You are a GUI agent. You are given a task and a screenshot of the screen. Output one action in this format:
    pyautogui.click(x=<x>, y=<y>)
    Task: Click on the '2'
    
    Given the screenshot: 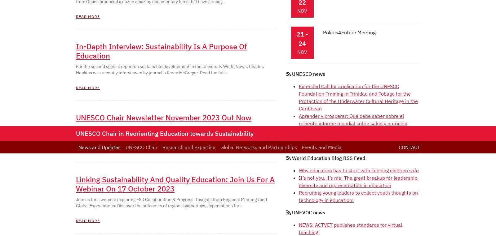 What is the action you would take?
    pyautogui.click(x=94, y=9)
    